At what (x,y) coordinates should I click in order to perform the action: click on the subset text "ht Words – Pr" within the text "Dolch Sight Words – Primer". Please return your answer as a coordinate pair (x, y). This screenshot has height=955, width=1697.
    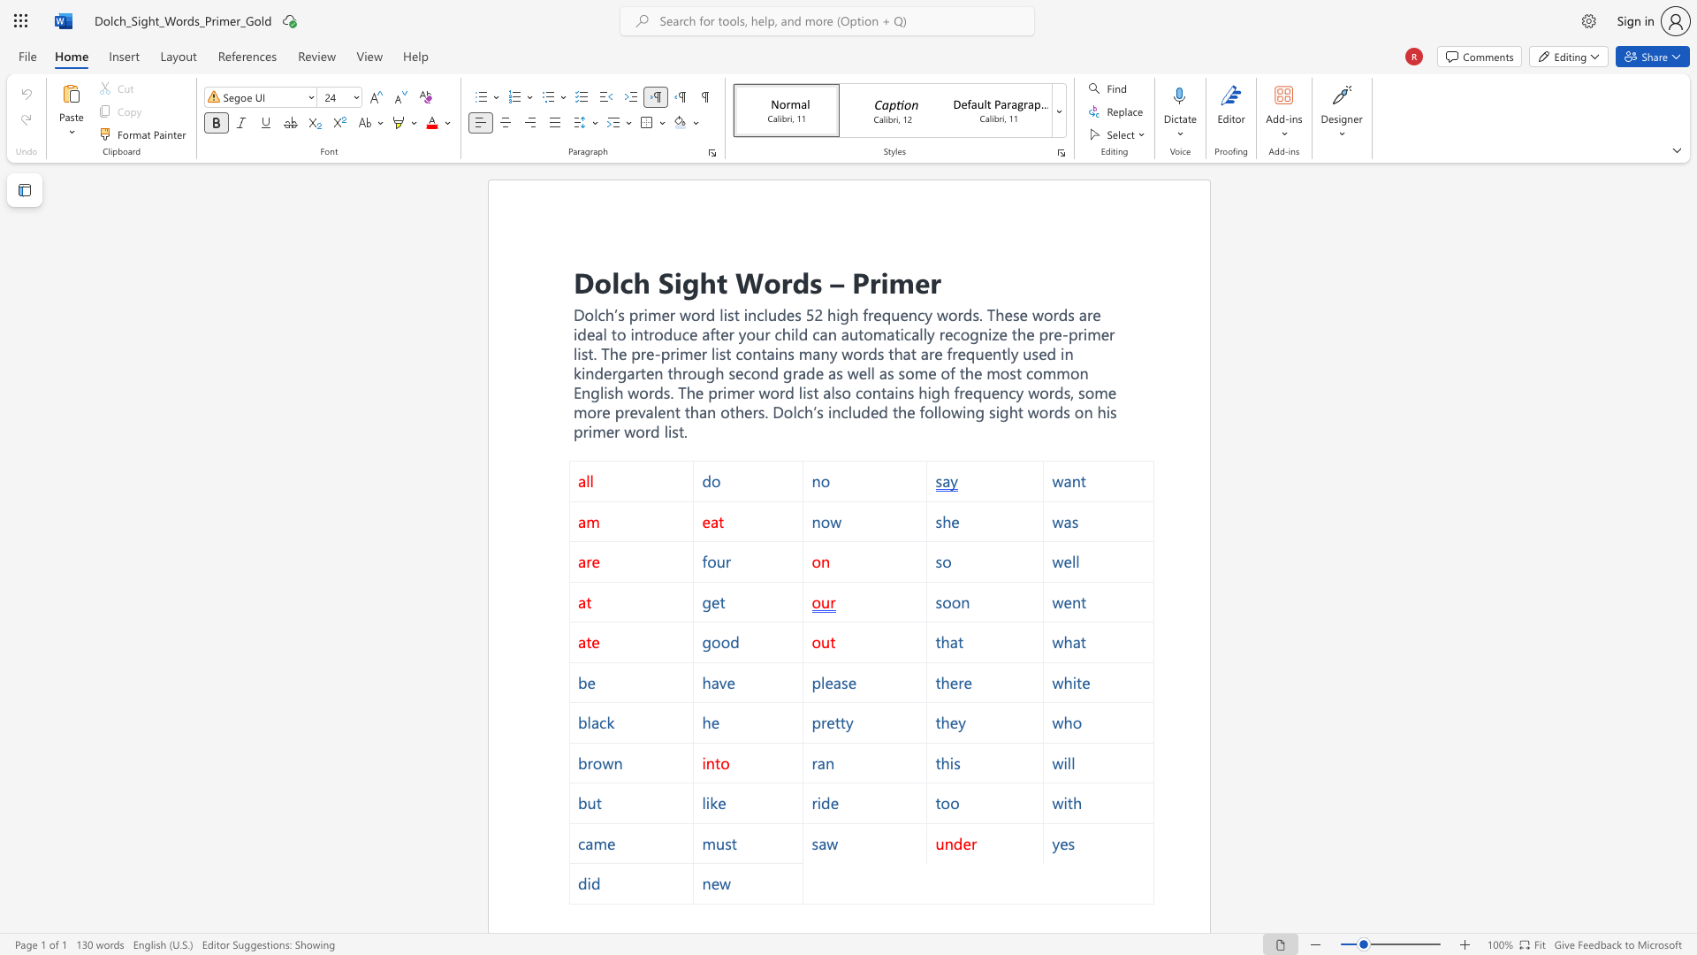
    Looking at the image, I should click on (698, 280).